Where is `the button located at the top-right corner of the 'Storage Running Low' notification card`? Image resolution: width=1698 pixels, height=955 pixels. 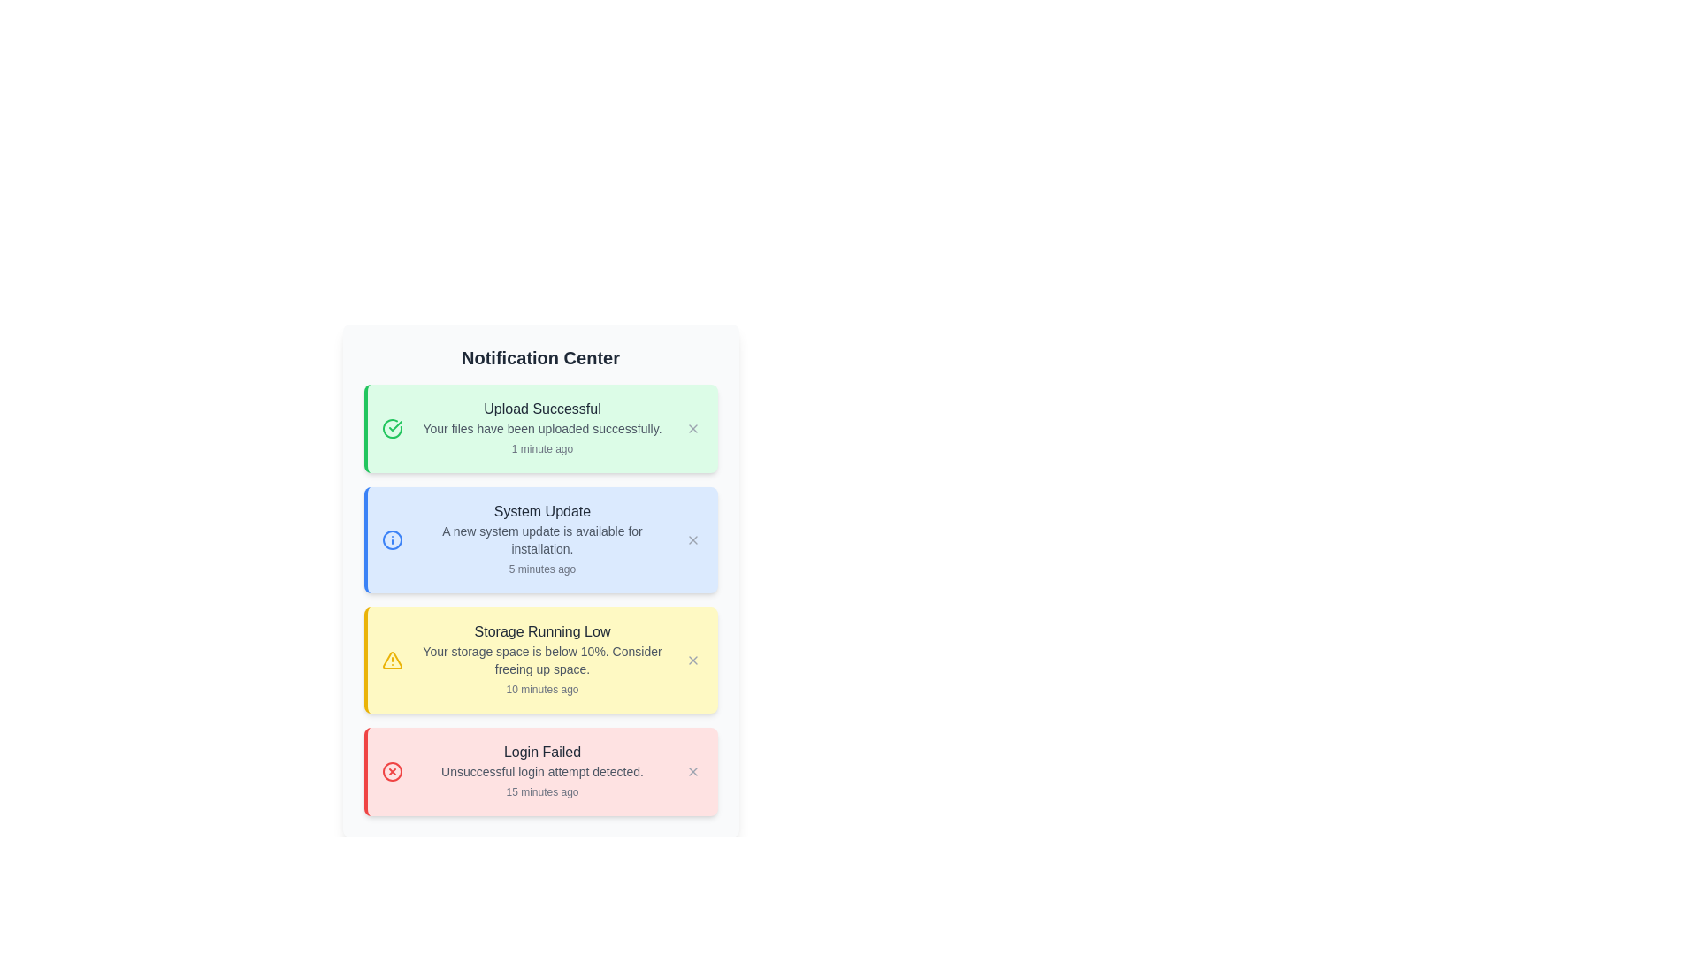
the button located at the top-right corner of the 'Storage Running Low' notification card is located at coordinates (692, 661).